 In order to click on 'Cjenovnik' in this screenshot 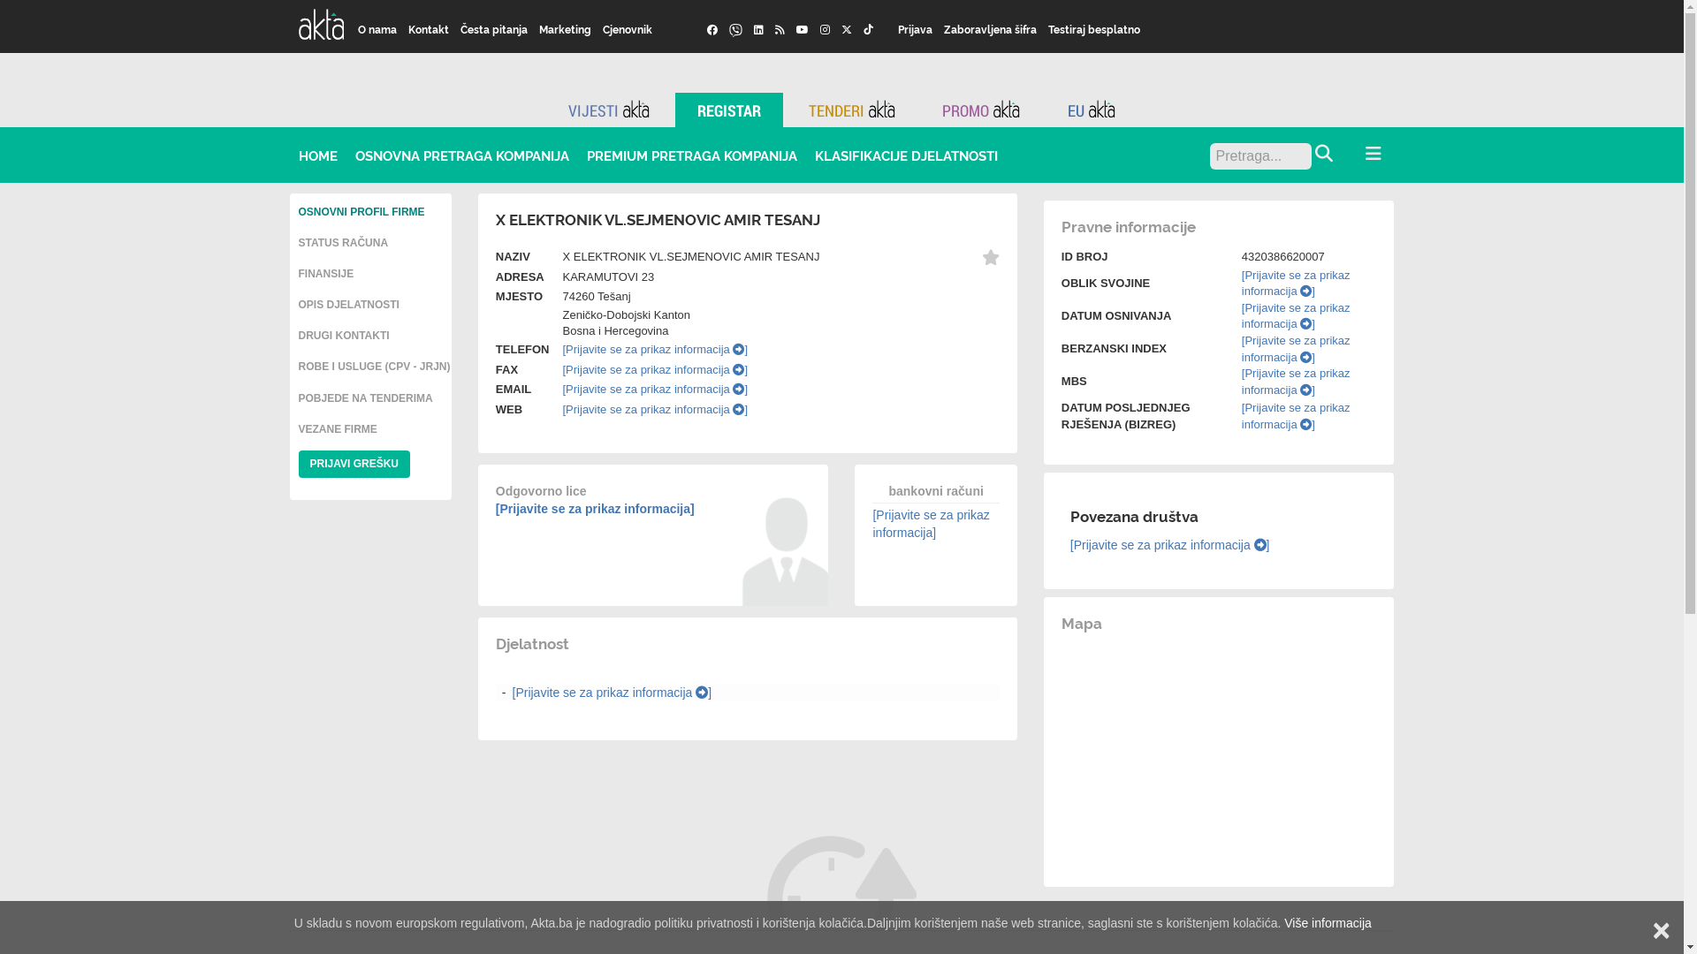, I will do `click(628, 29)`.